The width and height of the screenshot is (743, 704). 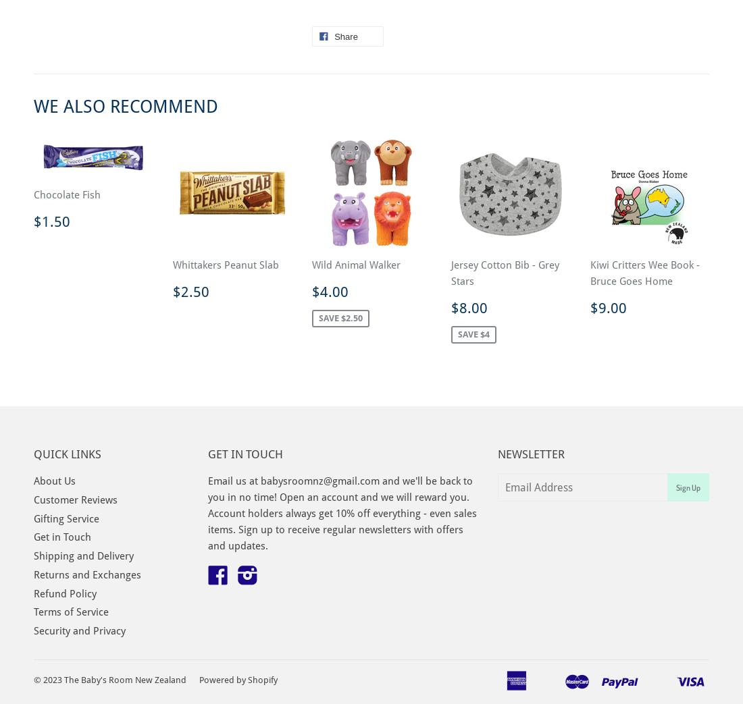 What do you see at coordinates (473, 333) in the screenshot?
I see `'Save $4'` at bounding box center [473, 333].